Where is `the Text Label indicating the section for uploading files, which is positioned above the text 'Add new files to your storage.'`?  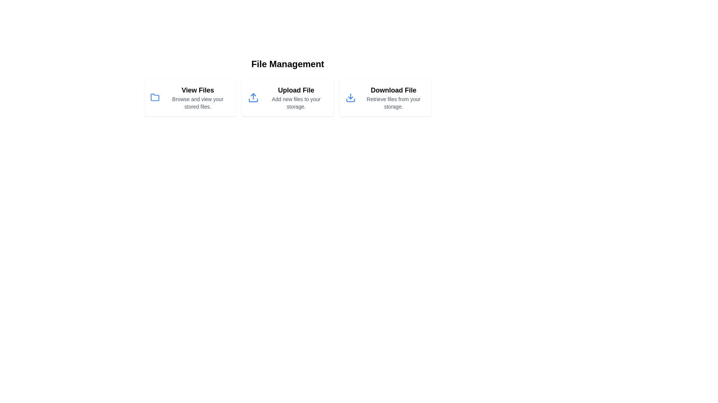
the Text Label indicating the section for uploading files, which is positioned above the text 'Add new files to your storage.' is located at coordinates (296, 90).